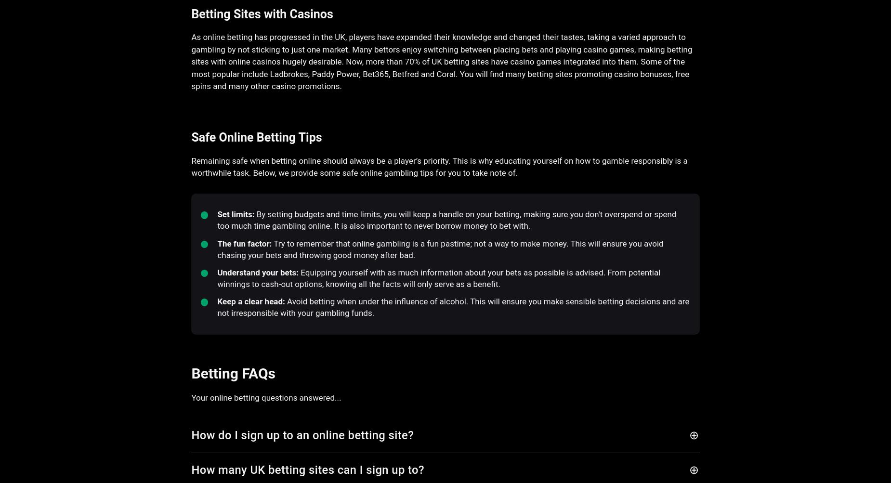  Describe the element at coordinates (262, 13) in the screenshot. I see `'Betting Sites with Casinos'` at that location.